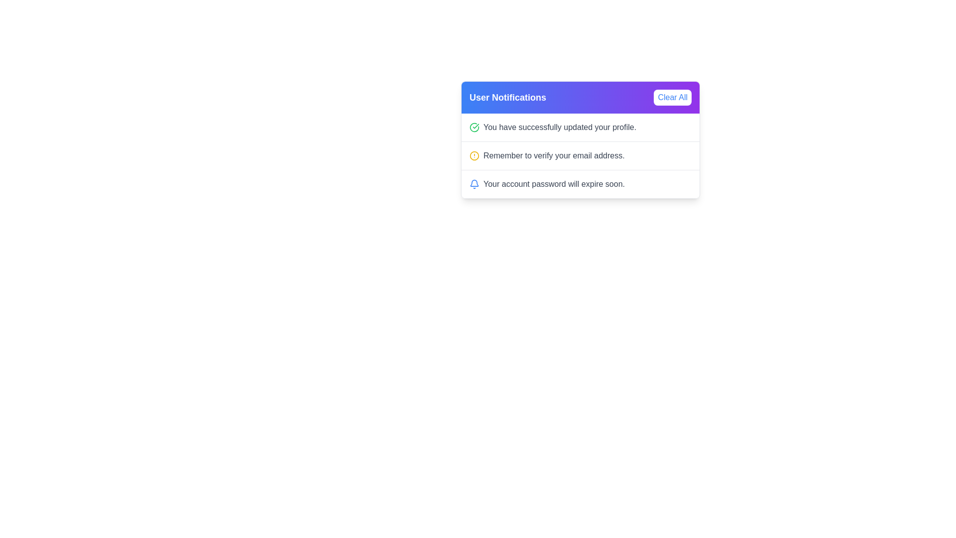 Image resolution: width=956 pixels, height=538 pixels. Describe the element at coordinates (474, 127) in the screenshot. I see `the decorative green checkmark icon that indicates confirmation, located to the left of the text 'You have successfully updated your profile' within the notification card` at that location.